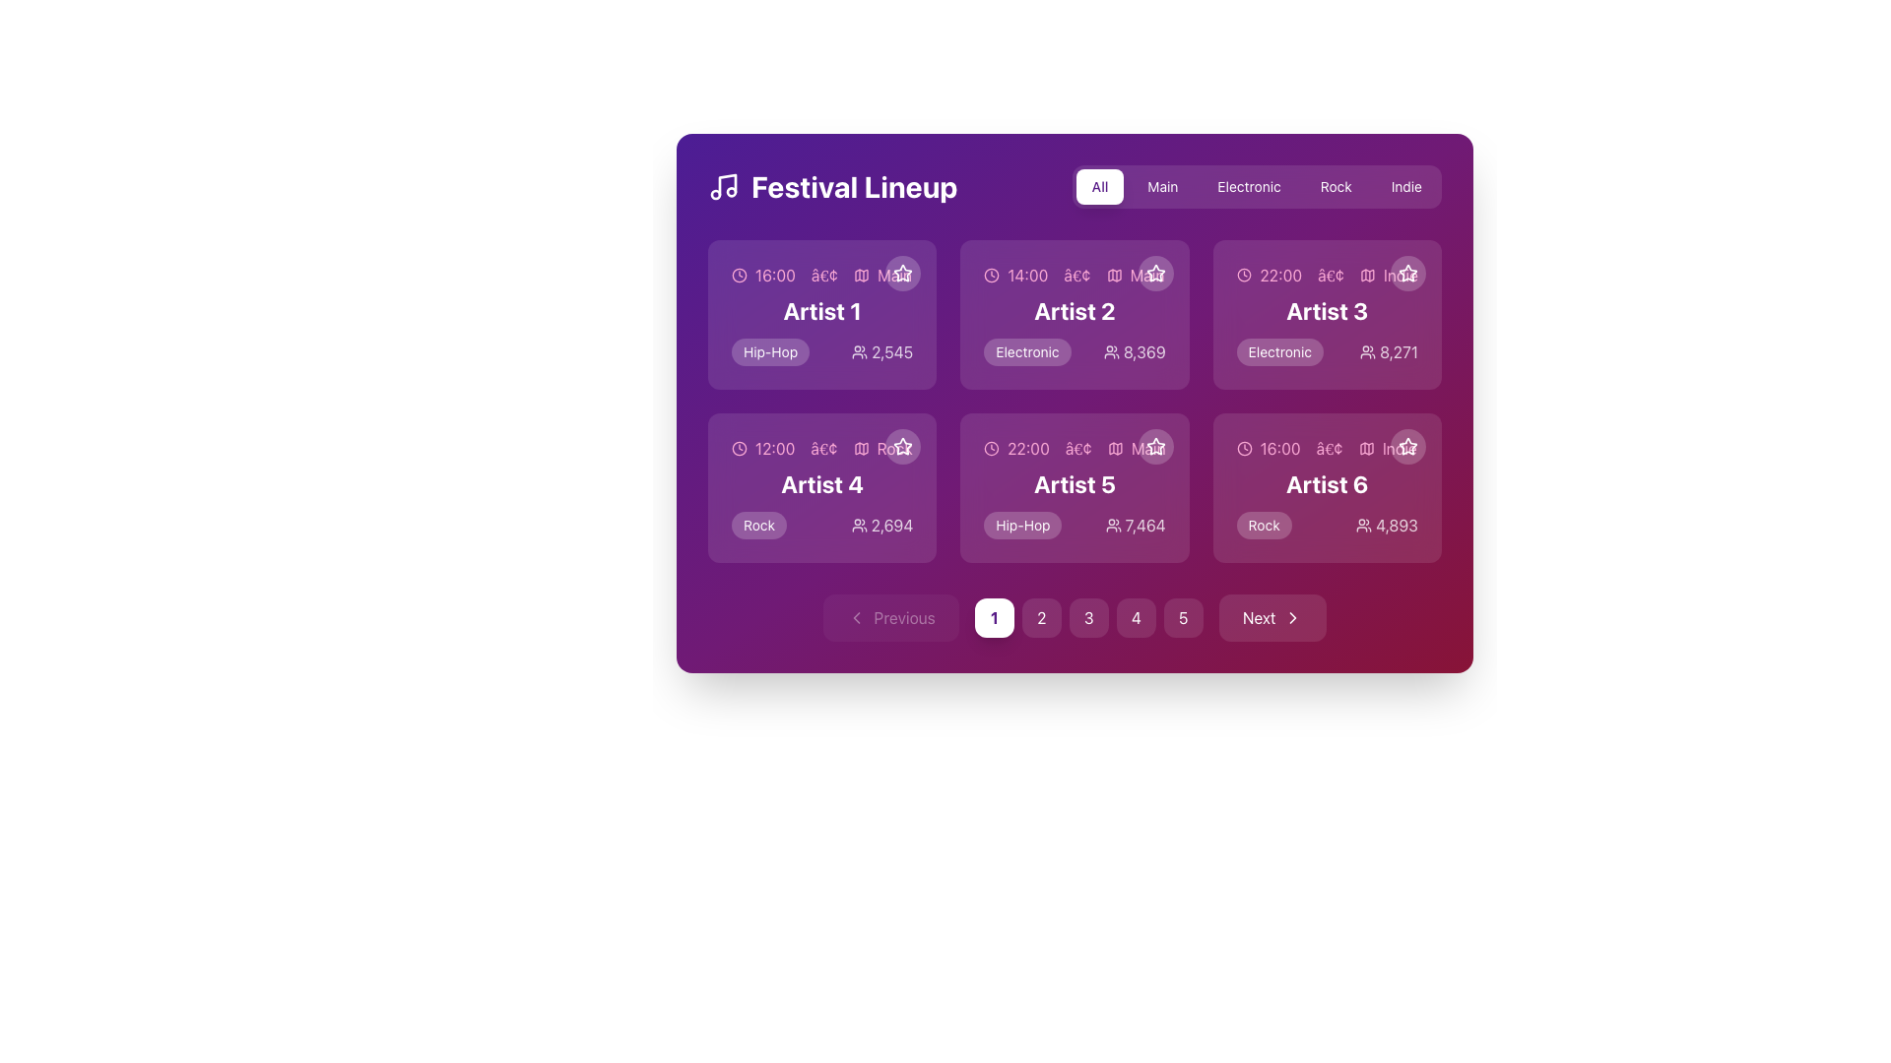 The image size is (1891, 1063). I want to click on the 'Electronic' category selector tab within the 'Festival Lineup' interface using the keyboard for accessibility, so click(1256, 186).